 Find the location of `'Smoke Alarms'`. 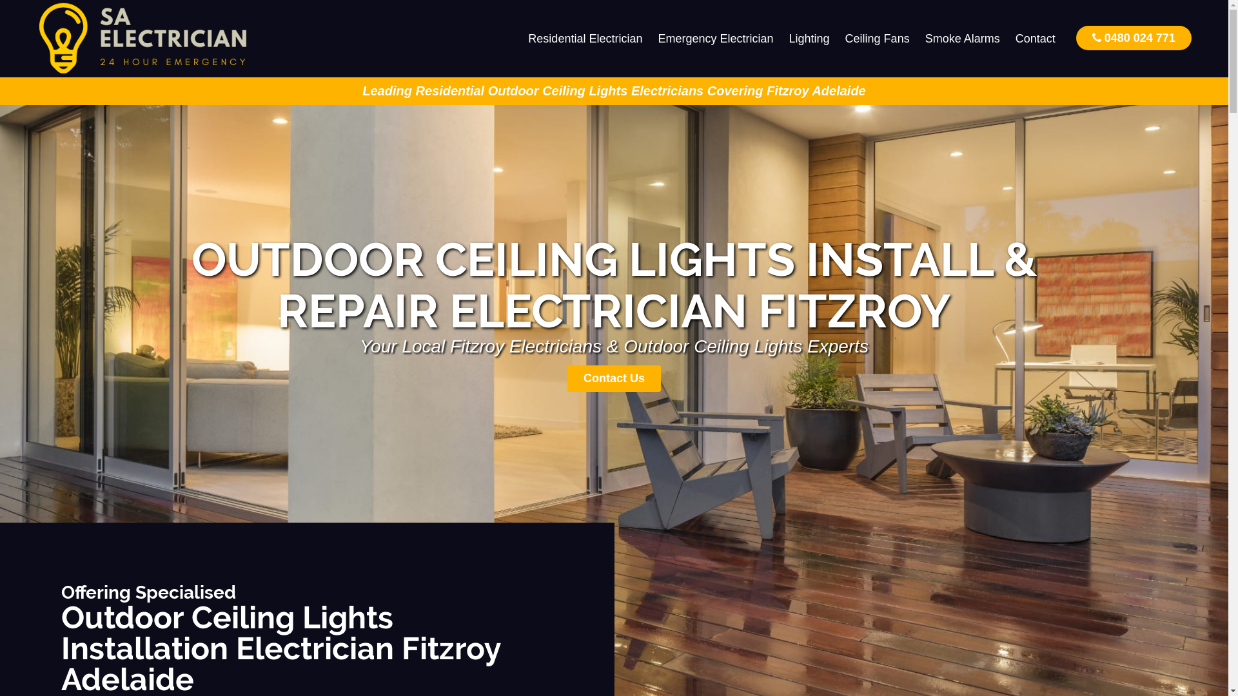

'Smoke Alarms' is located at coordinates (962, 38).